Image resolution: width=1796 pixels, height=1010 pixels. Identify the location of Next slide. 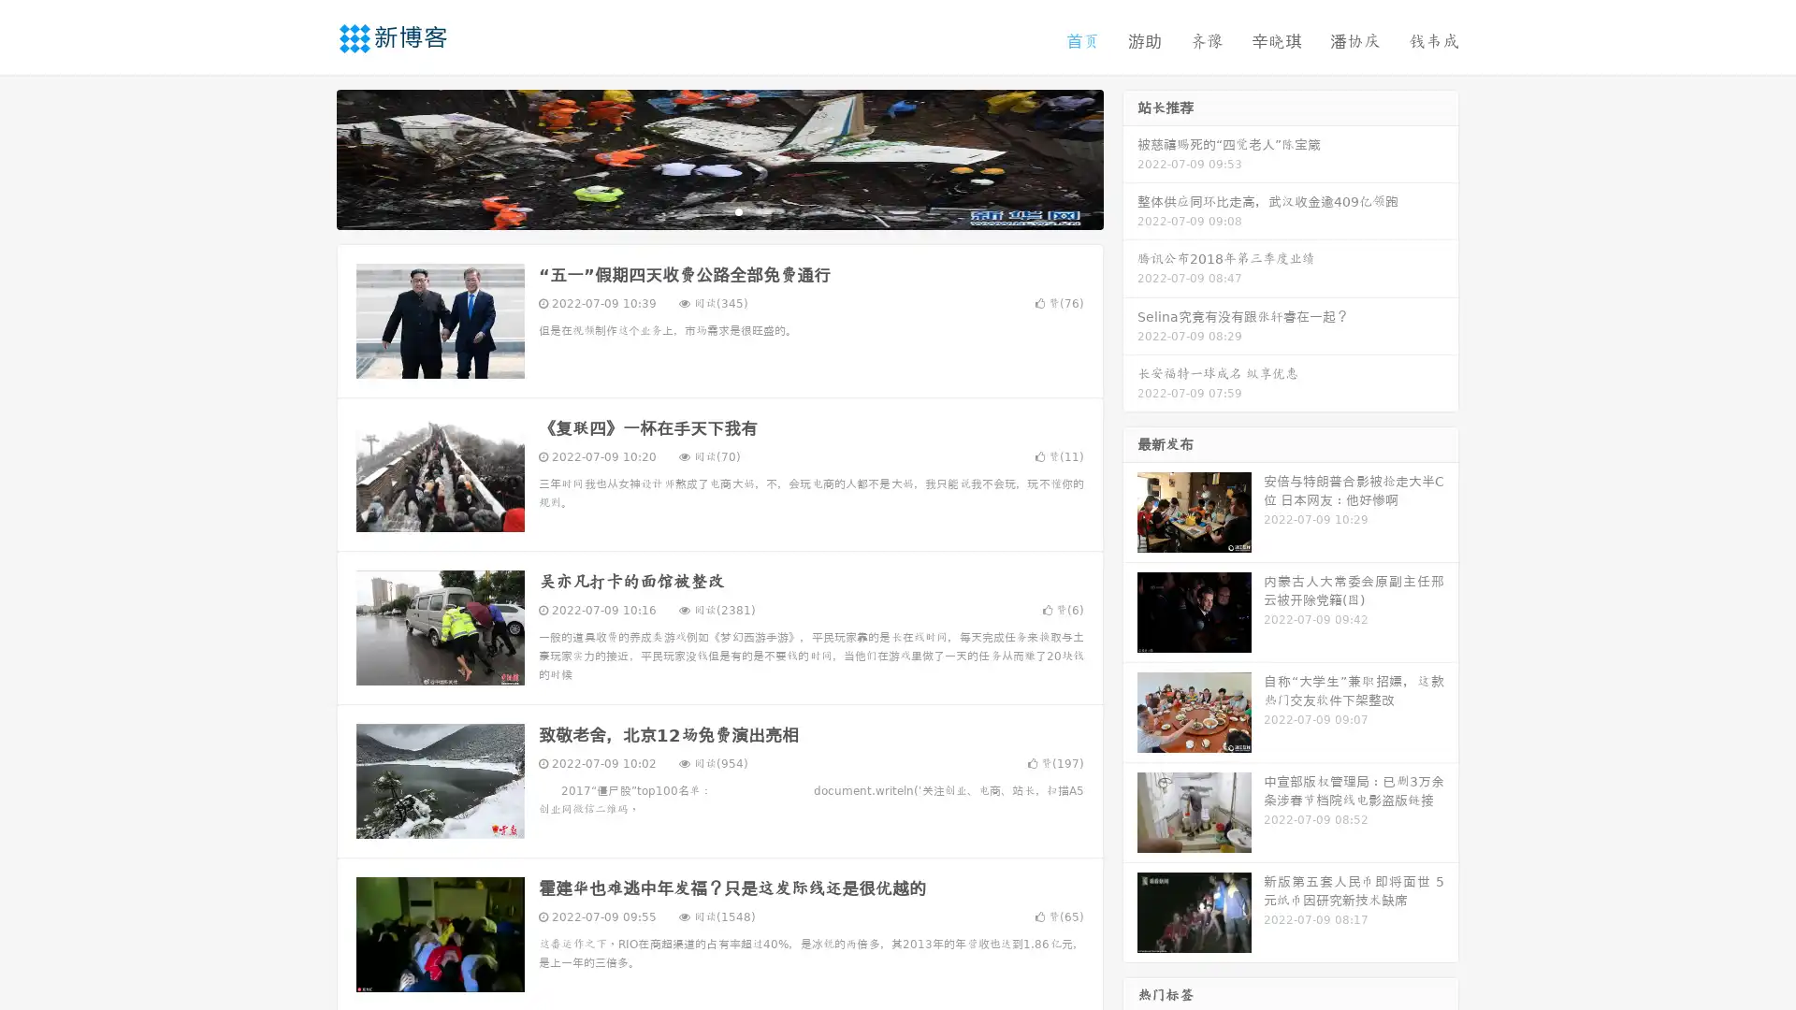
(1130, 157).